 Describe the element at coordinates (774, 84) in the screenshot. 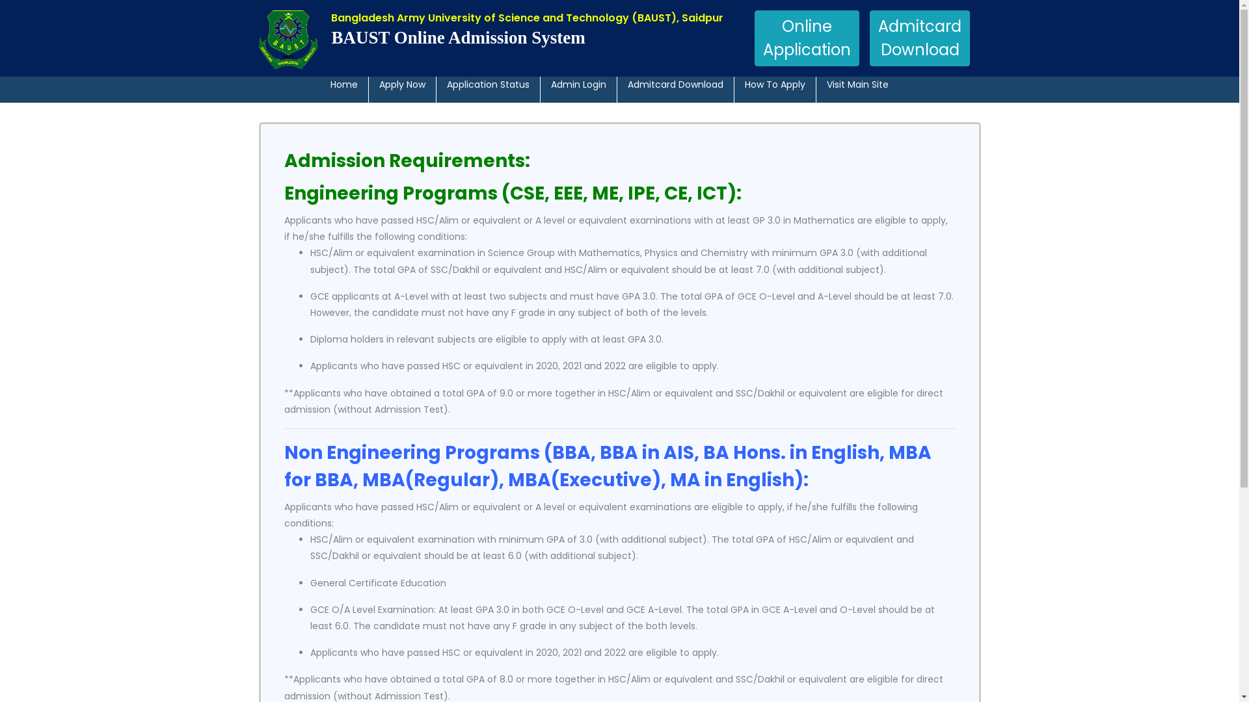

I see `'How To Apply'` at that location.